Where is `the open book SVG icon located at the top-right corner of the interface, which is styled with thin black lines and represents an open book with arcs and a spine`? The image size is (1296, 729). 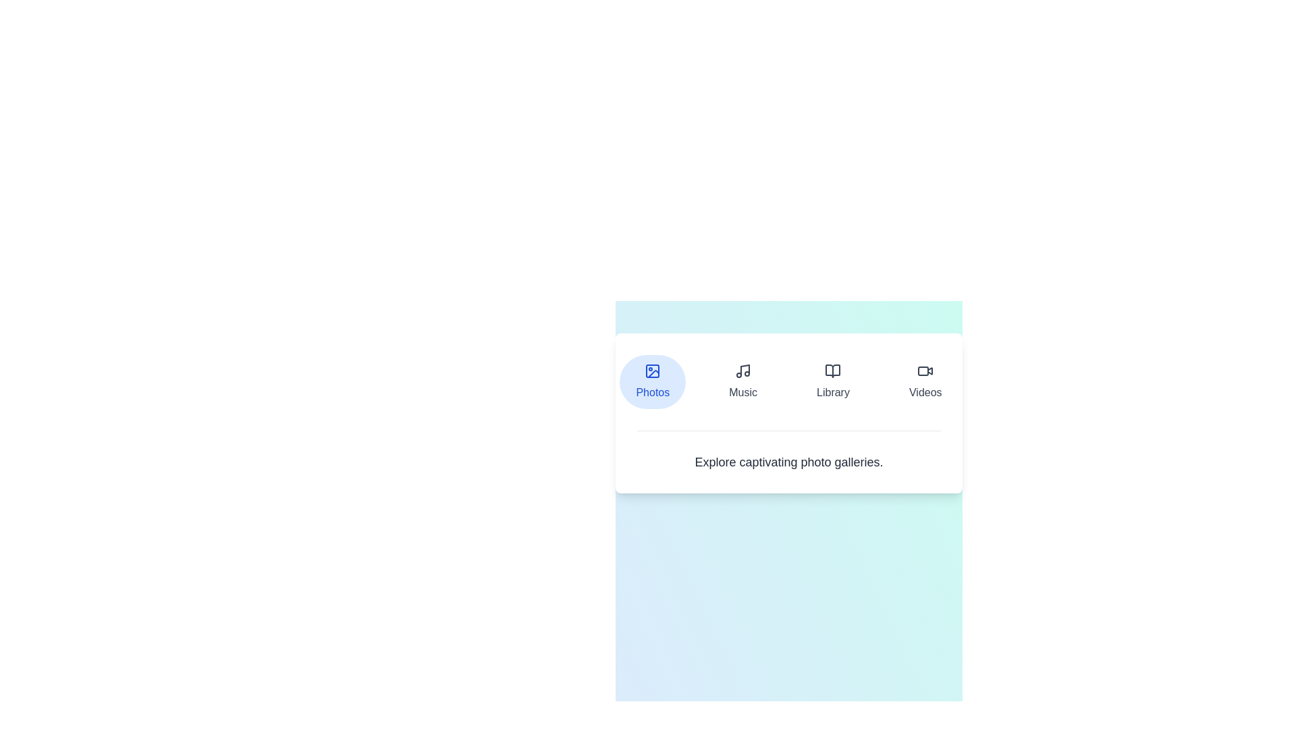
the open book SVG icon located at the top-right corner of the interface, which is styled with thin black lines and represents an open book with arcs and a spine is located at coordinates (832, 371).